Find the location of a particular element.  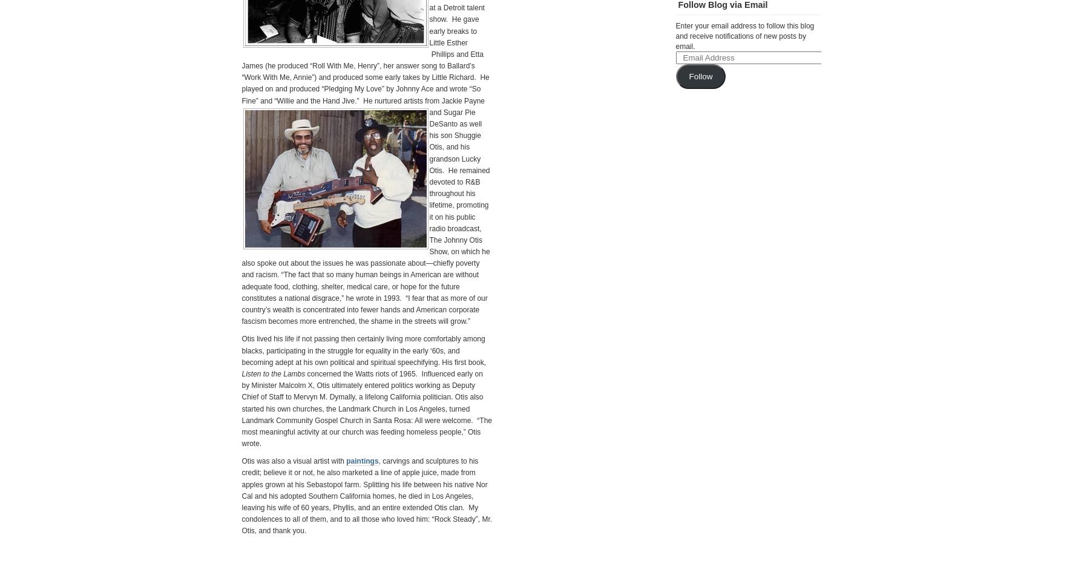

'Otis was also a visual artist with' is located at coordinates (294, 460).